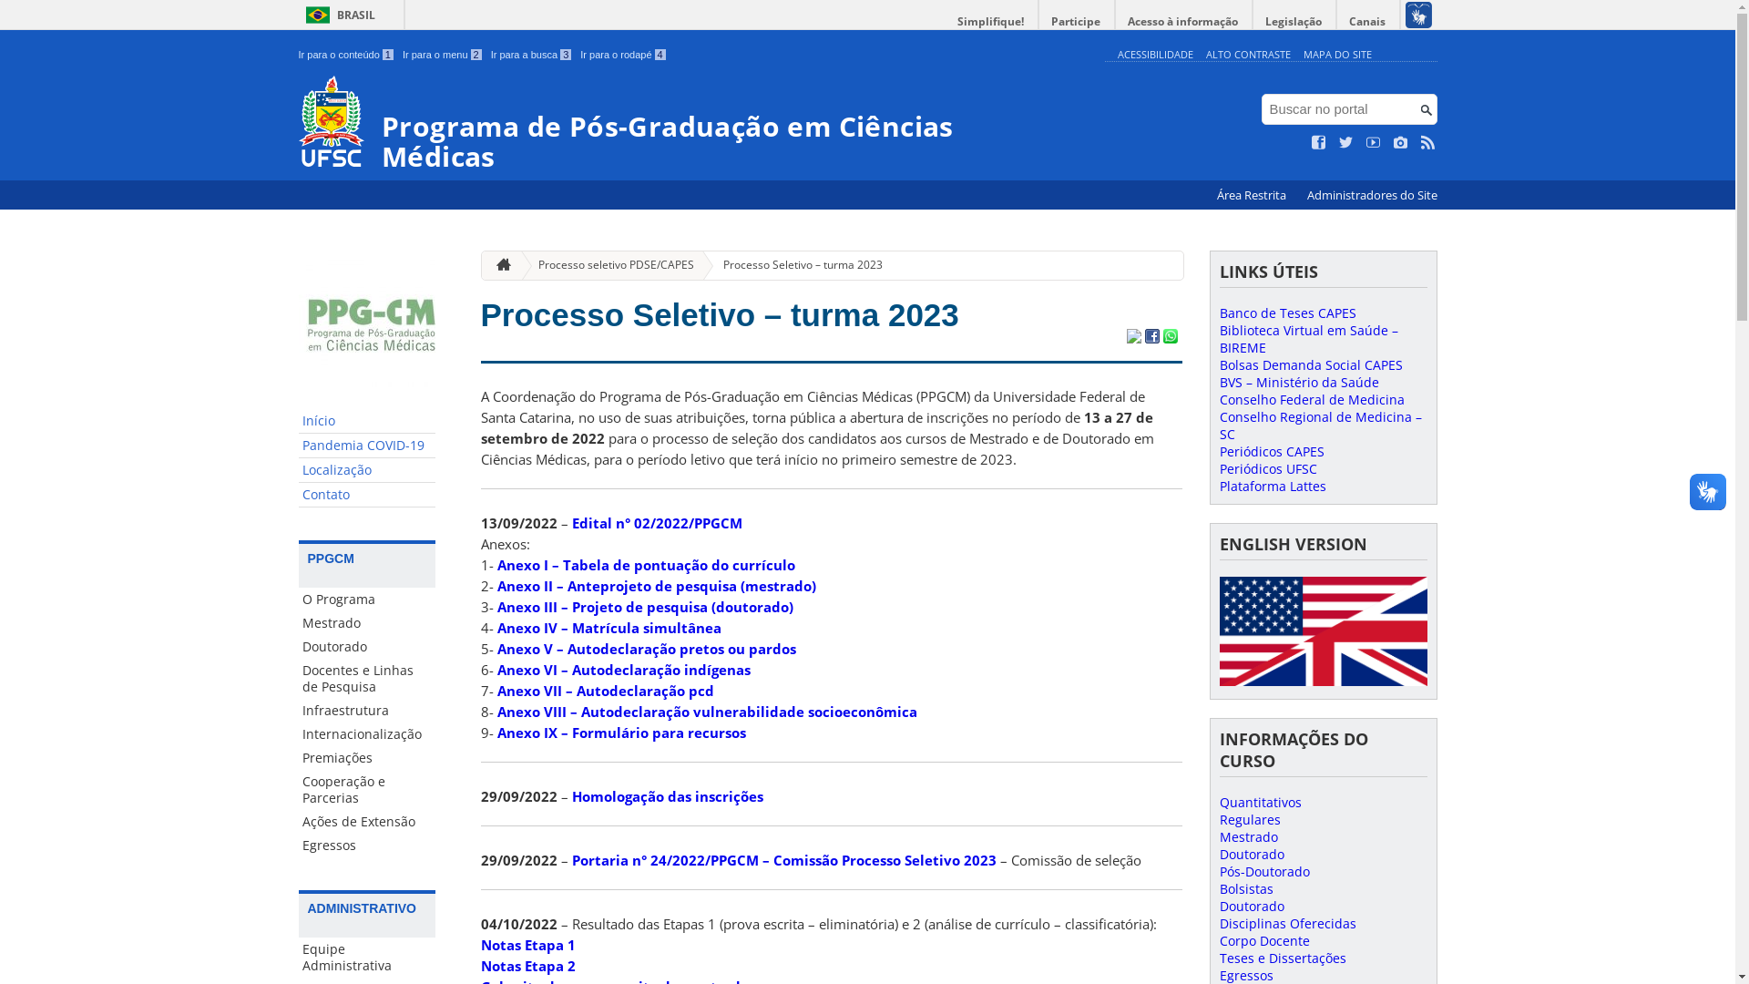 The image size is (1749, 984). Describe the element at coordinates (1309, 364) in the screenshot. I see `'Bolsas Demanda Social CAPES'` at that location.